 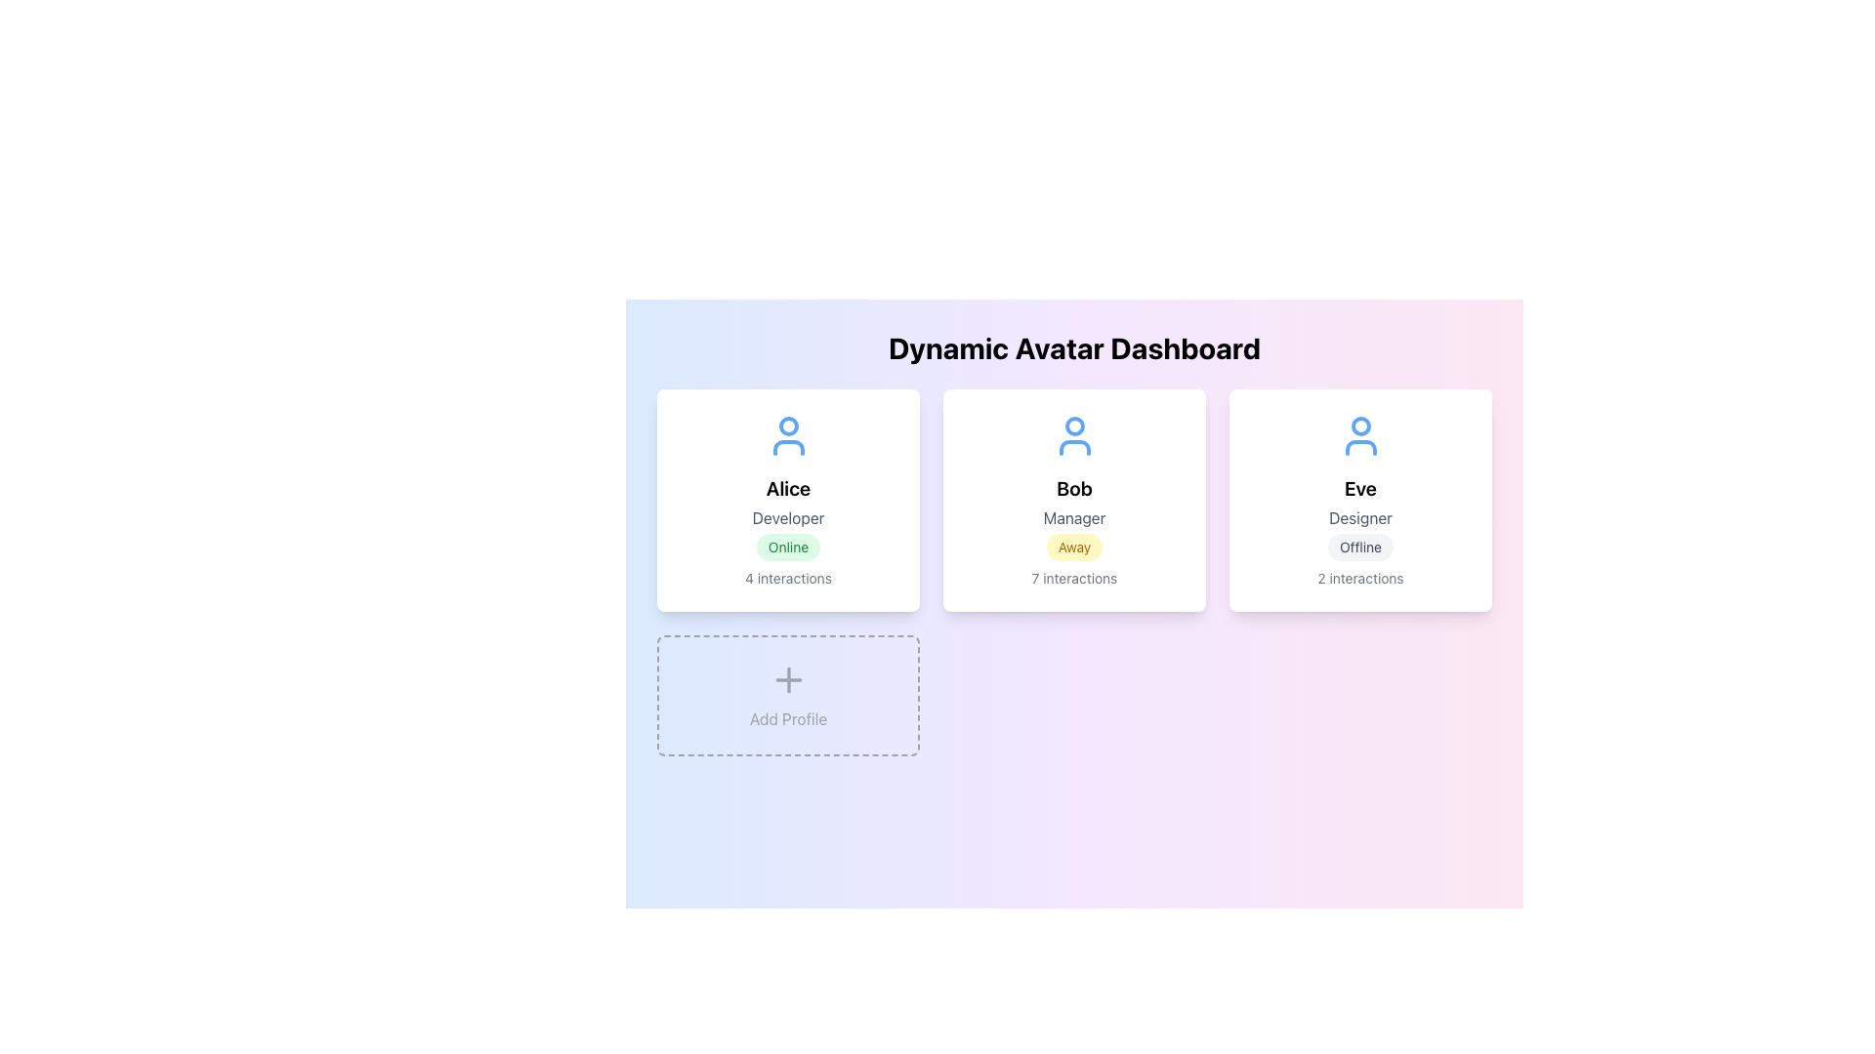 I want to click on the blue outline user profile silhouette icon located at the top of the second card, above the text 'Bob', so click(x=1073, y=435).